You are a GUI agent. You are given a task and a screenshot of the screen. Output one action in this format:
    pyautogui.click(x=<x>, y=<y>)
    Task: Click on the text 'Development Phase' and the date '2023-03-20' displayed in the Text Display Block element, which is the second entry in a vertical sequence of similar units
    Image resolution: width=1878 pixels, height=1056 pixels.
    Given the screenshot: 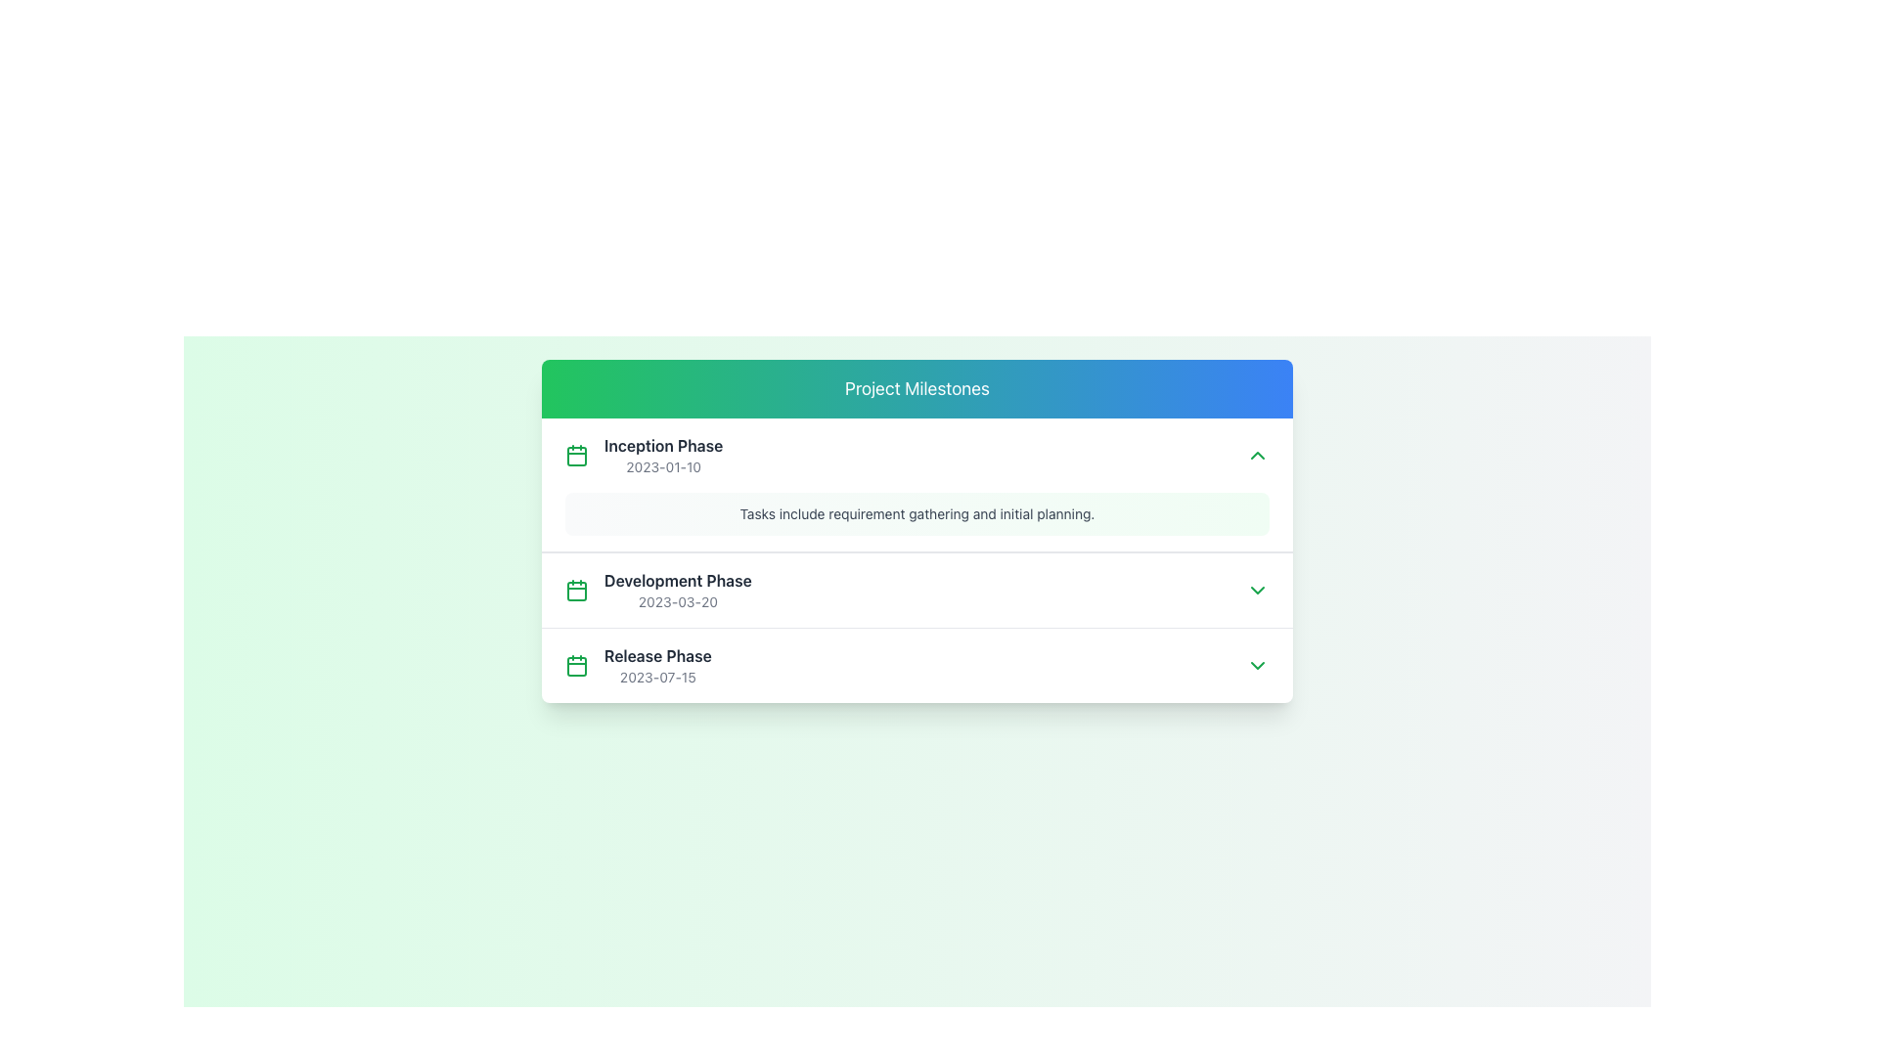 What is the action you would take?
    pyautogui.click(x=678, y=590)
    